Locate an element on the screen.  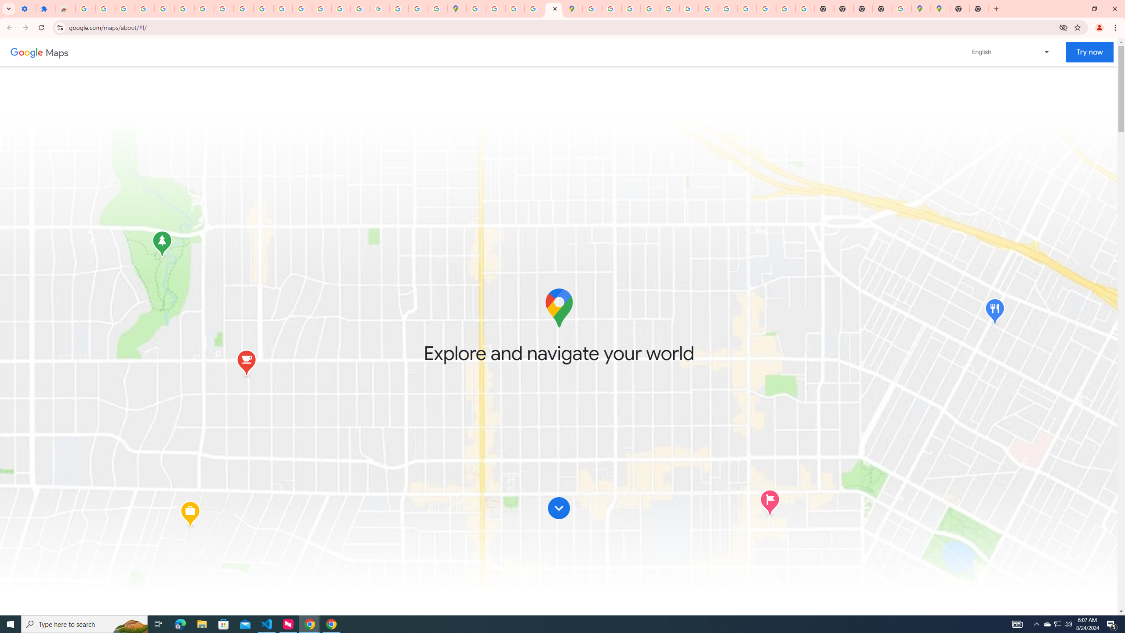
'New Tab' is located at coordinates (978, 8).